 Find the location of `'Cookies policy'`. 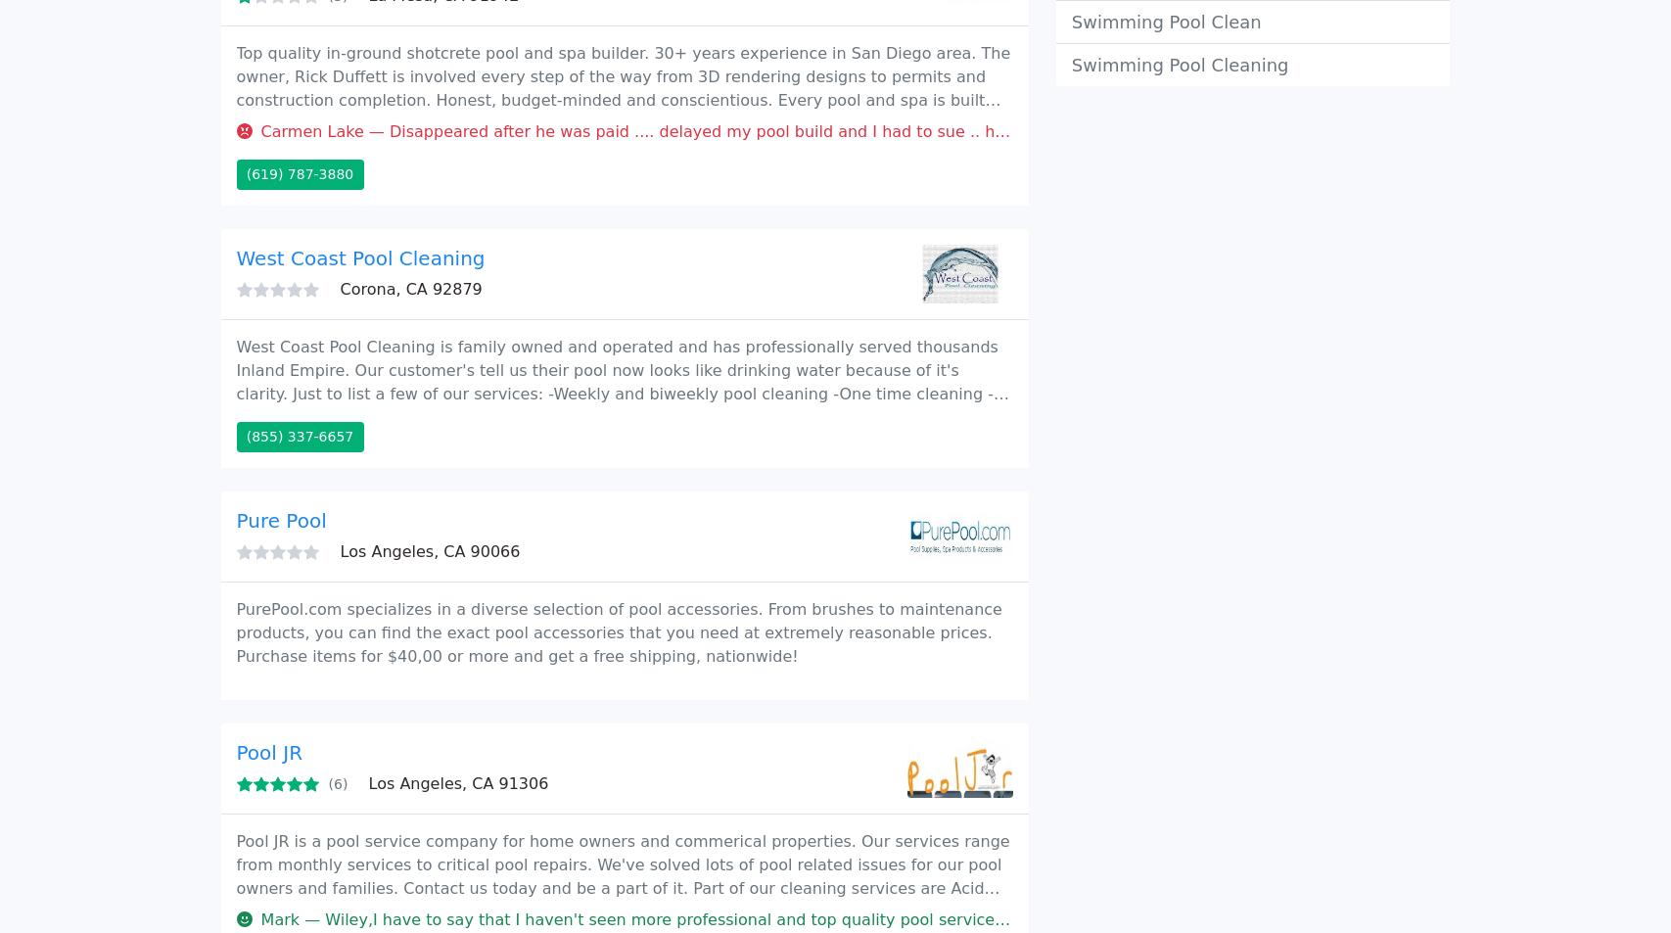

'Cookies policy' is located at coordinates (1326, 115).